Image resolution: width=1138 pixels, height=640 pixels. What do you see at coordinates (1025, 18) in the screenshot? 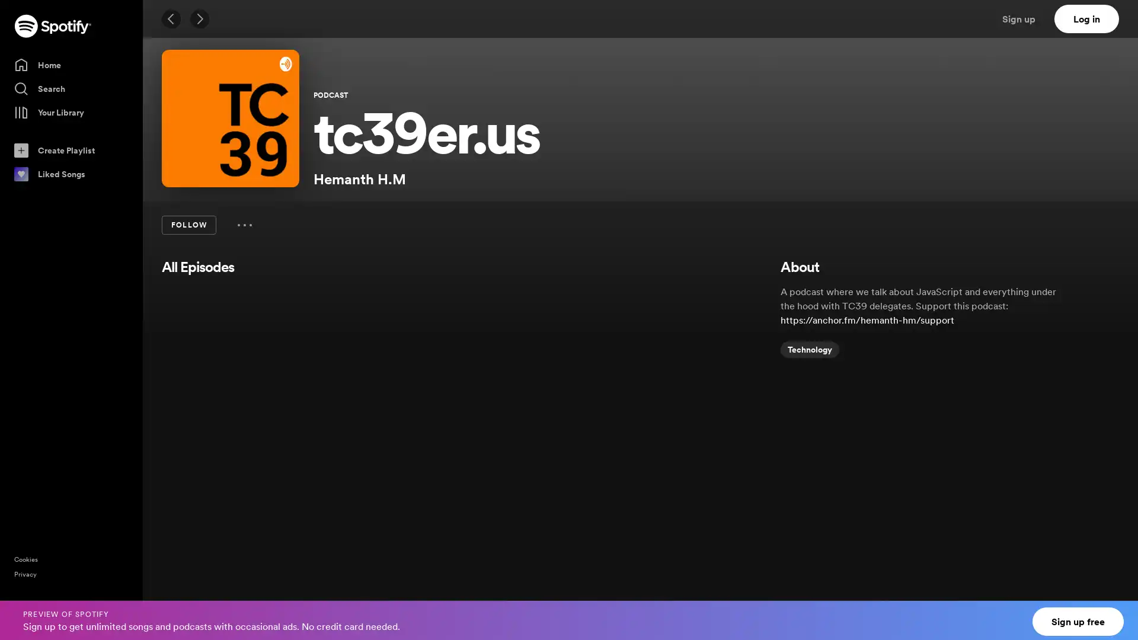
I see `Sign up` at bounding box center [1025, 18].